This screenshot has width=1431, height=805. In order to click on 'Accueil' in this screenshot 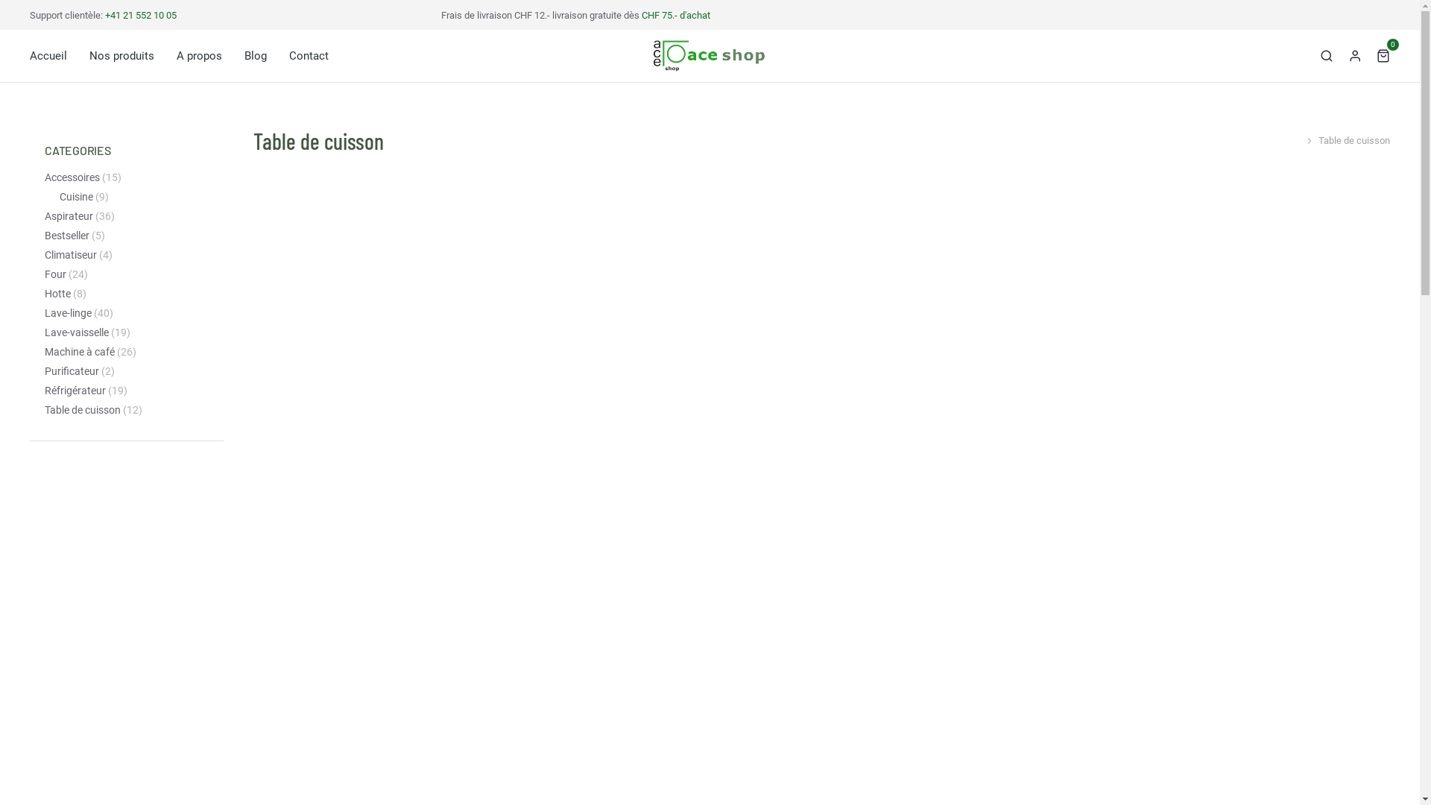, I will do `click(48, 54)`.